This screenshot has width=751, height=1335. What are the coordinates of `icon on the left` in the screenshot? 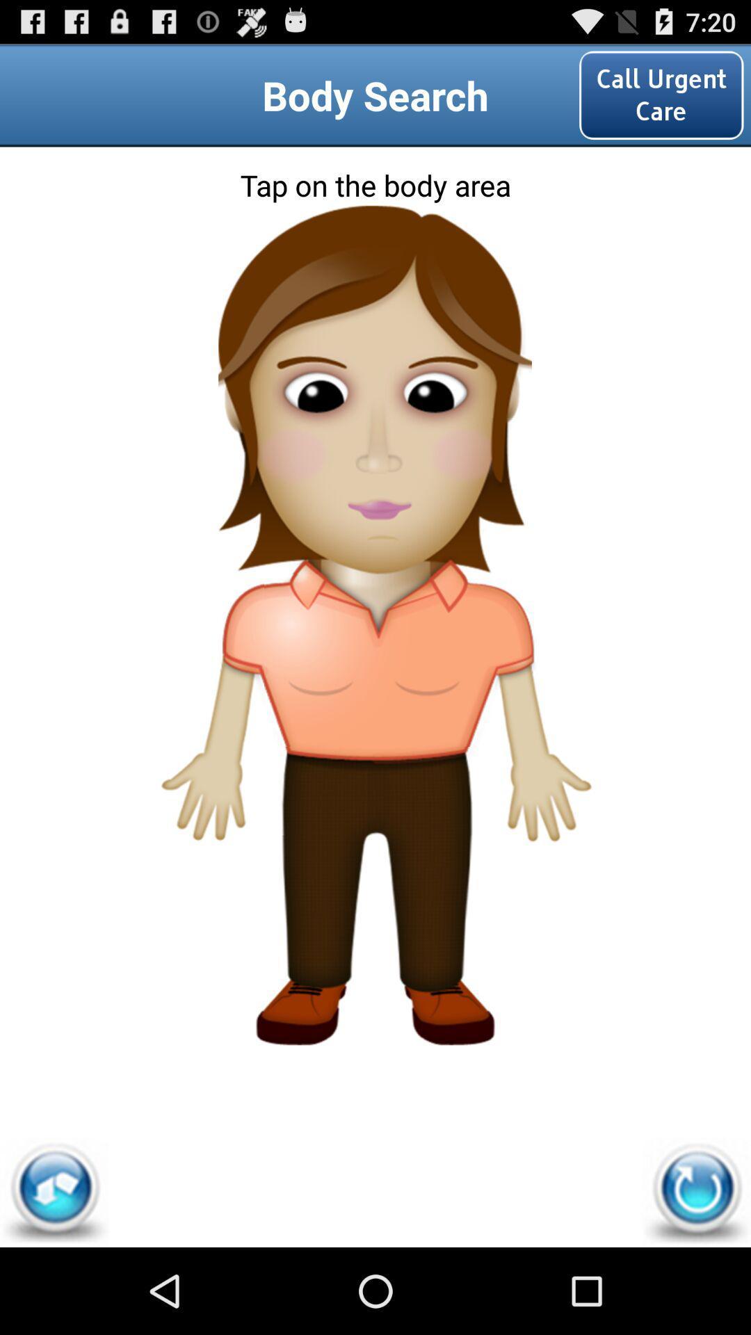 It's located at (212, 708).